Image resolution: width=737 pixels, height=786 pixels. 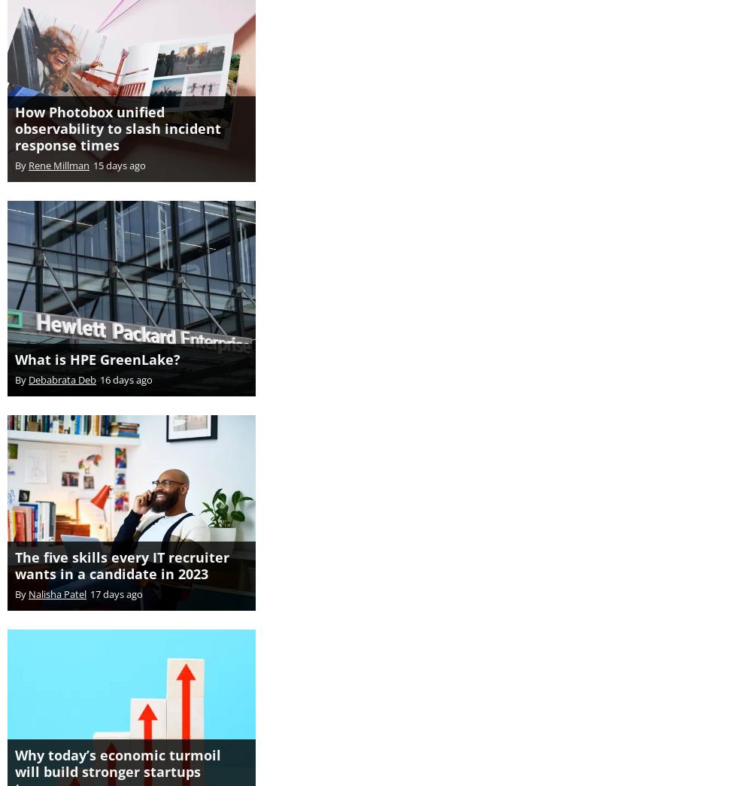 What do you see at coordinates (14, 755) in the screenshot?
I see `'Why today’s economic turmoil will build stronger startups tomorrow'` at bounding box center [14, 755].